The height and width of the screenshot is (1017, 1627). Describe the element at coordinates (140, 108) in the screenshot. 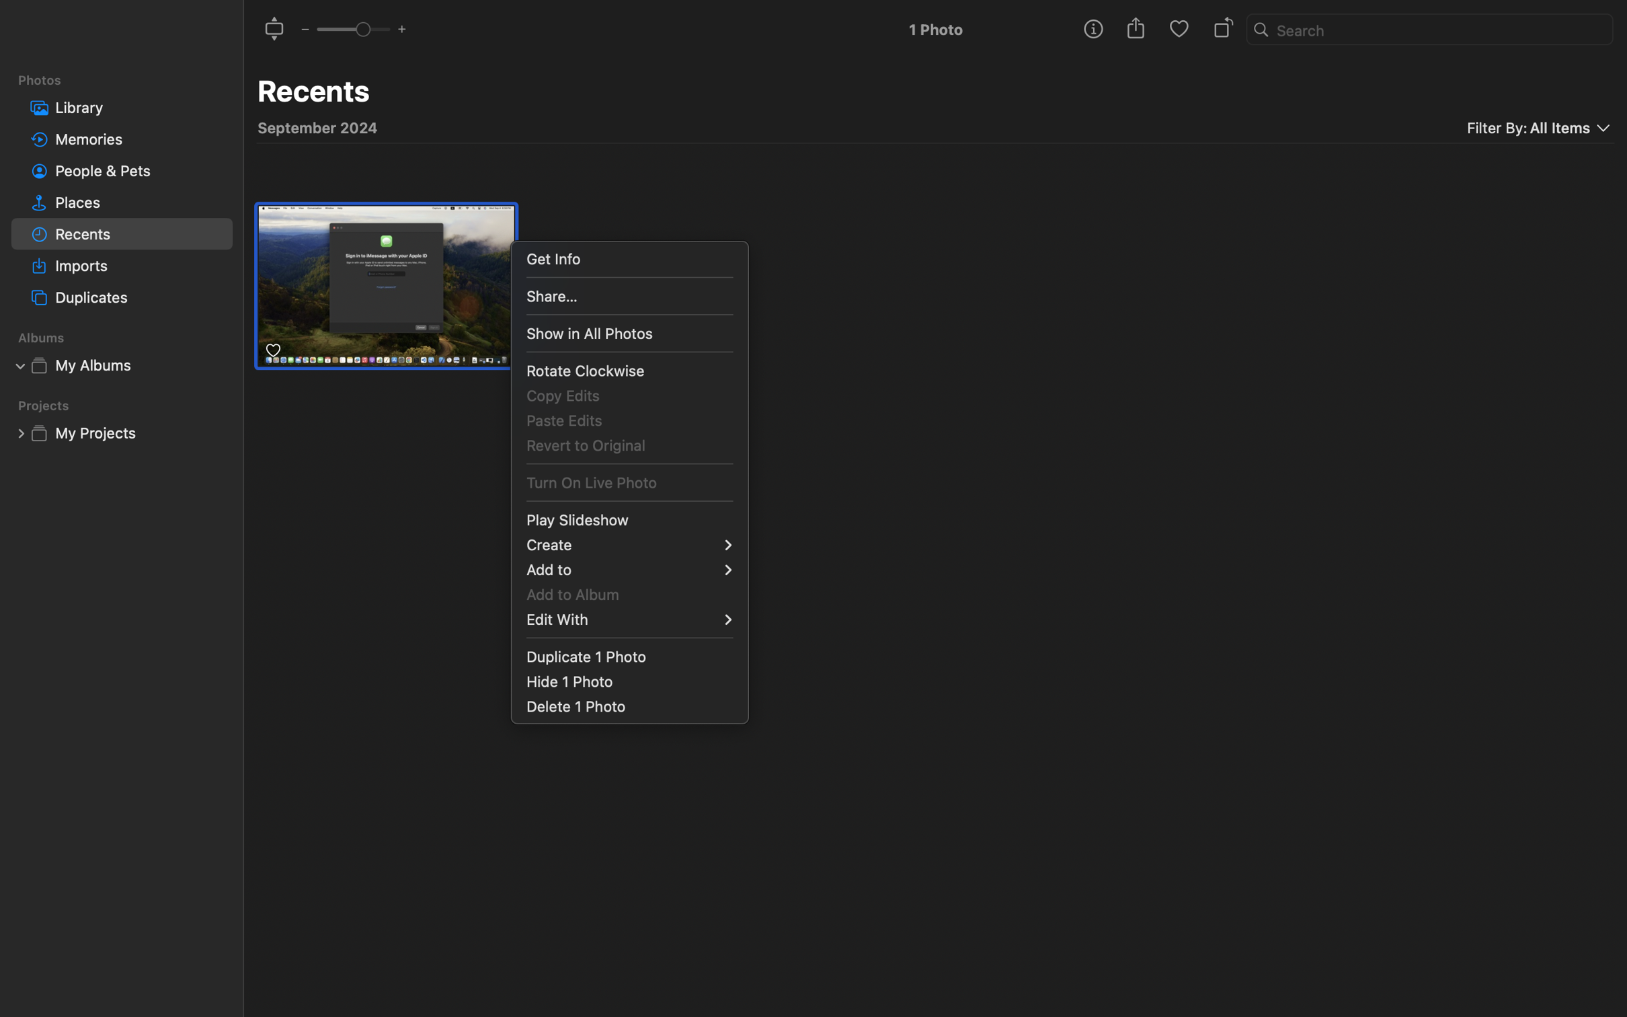

I see `'Library'` at that location.